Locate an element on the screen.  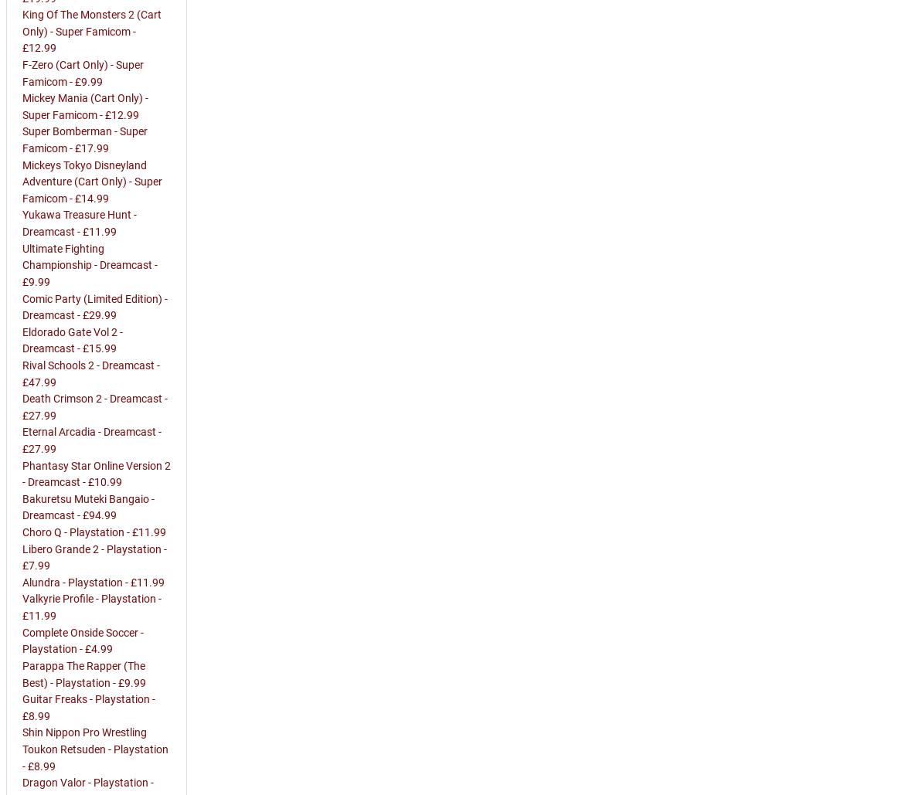
'Shin Nippon Pro Wrestling Toukon Retsuden - Playstation - £8.99' is located at coordinates (95, 749).